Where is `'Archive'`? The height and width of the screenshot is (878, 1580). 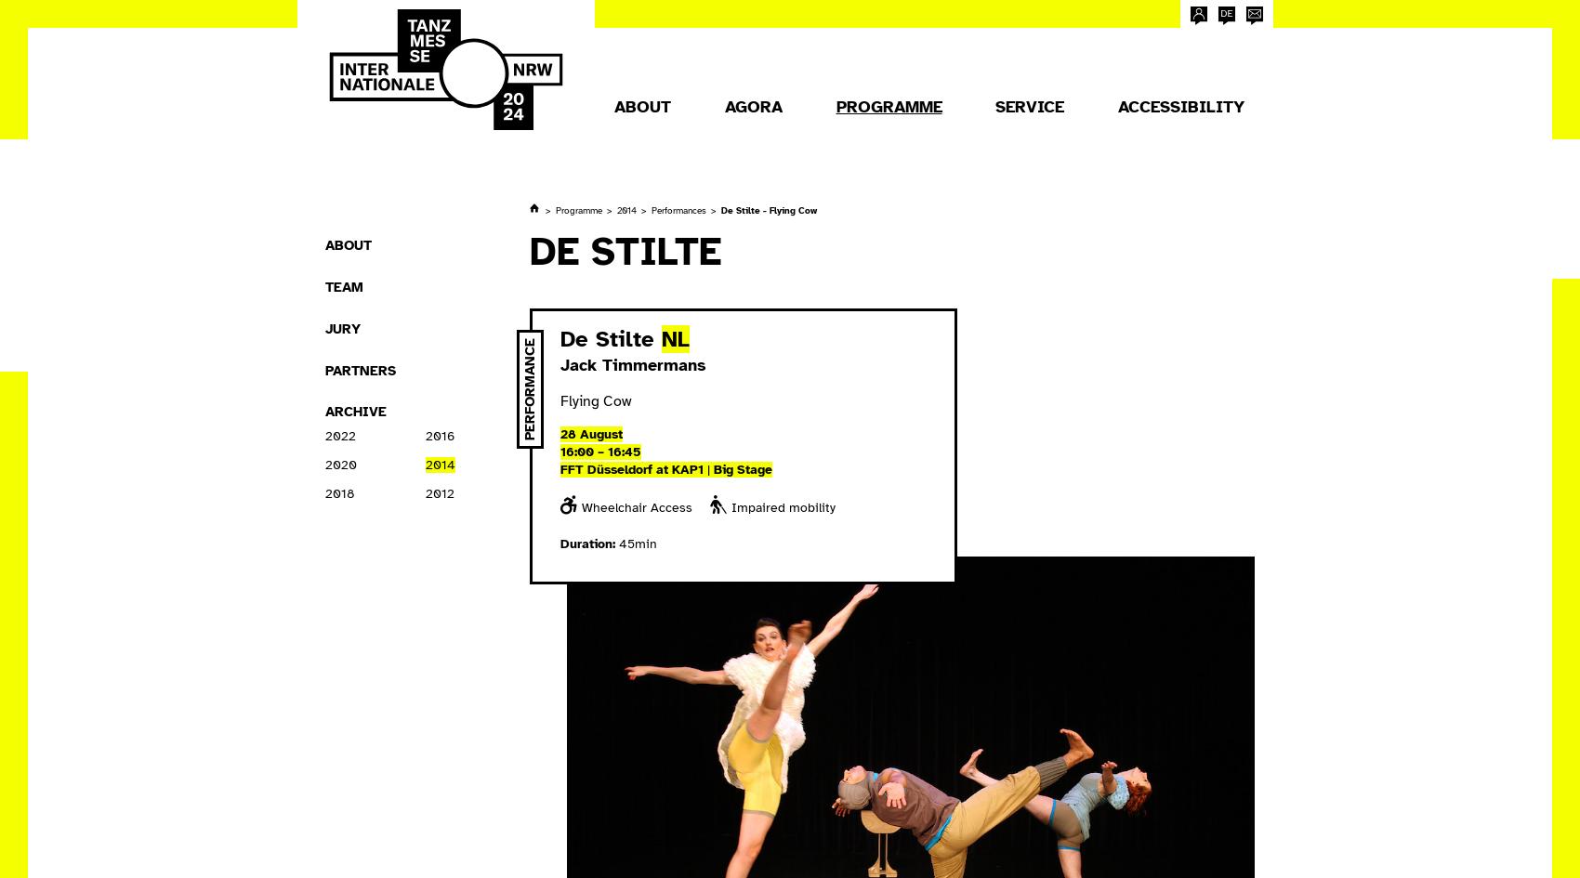
'Archive' is located at coordinates (355, 412).